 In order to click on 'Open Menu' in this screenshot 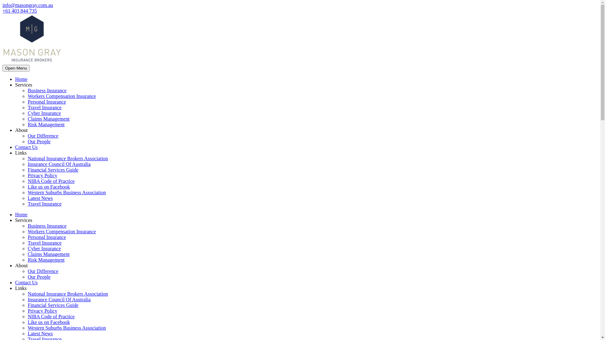, I will do `click(16, 68)`.